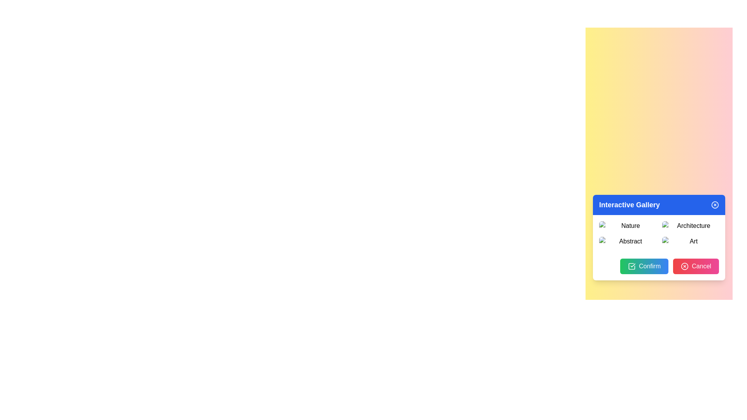 This screenshot has height=420, width=747. I want to click on the 'Abstract' selectable grid item in the Interactive Gallery, so click(627, 241).